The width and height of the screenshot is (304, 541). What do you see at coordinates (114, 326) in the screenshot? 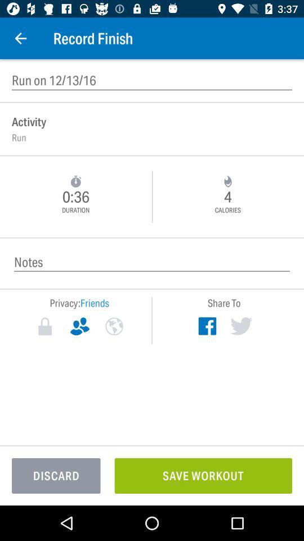
I see `public` at bounding box center [114, 326].